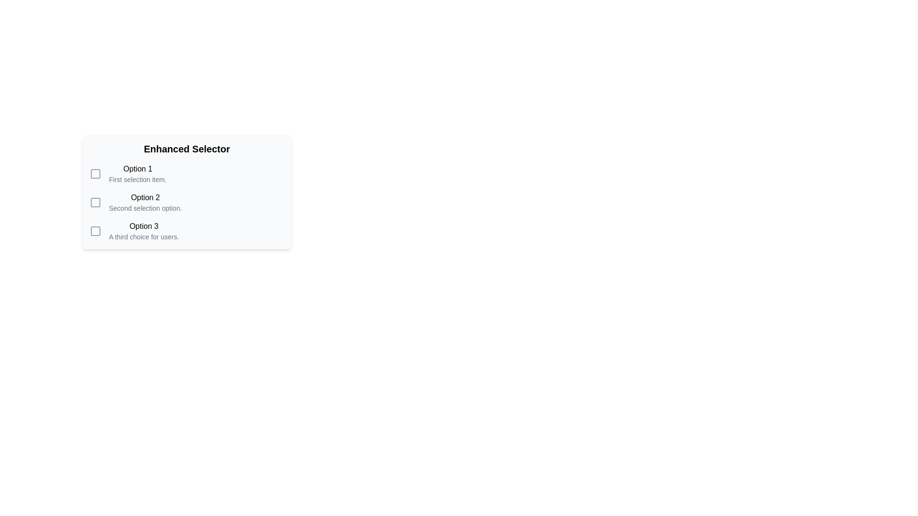 This screenshot has width=918, height=516. What do you see at coordinates (145, 207) in the screenshot?
I see `the Text label providing supplementary information for 'Option 2', which is located directly beneath the 'Option 2' label in a vertical list of options` at bounding box center [145, 207].